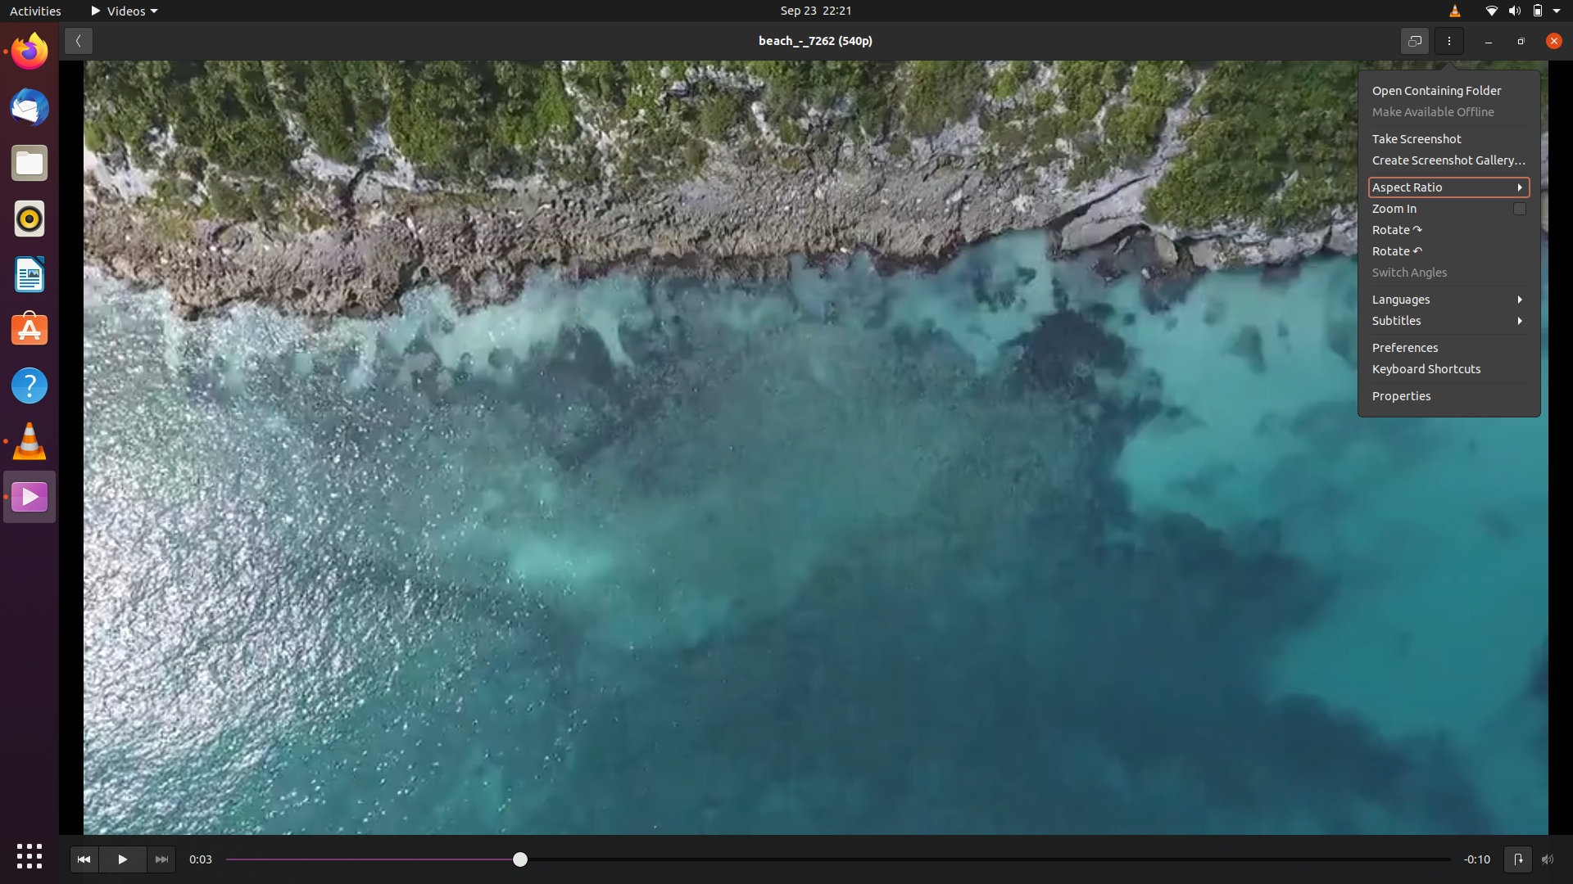  What do you see at coordinates (1451, 346) in the screenshot?
I see `the preferences menu` at bounding box center [1451, 346].